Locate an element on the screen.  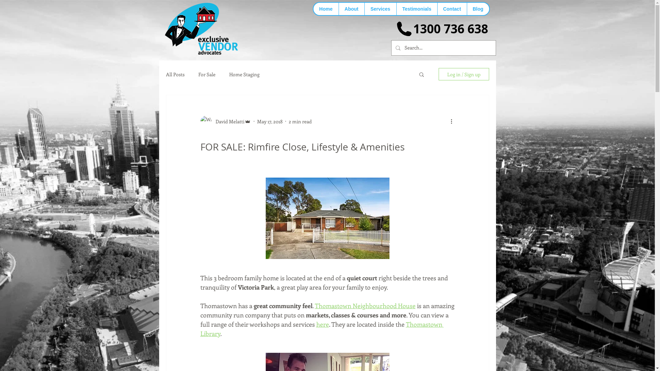
'Contact' is located at coordinates (452, 9).